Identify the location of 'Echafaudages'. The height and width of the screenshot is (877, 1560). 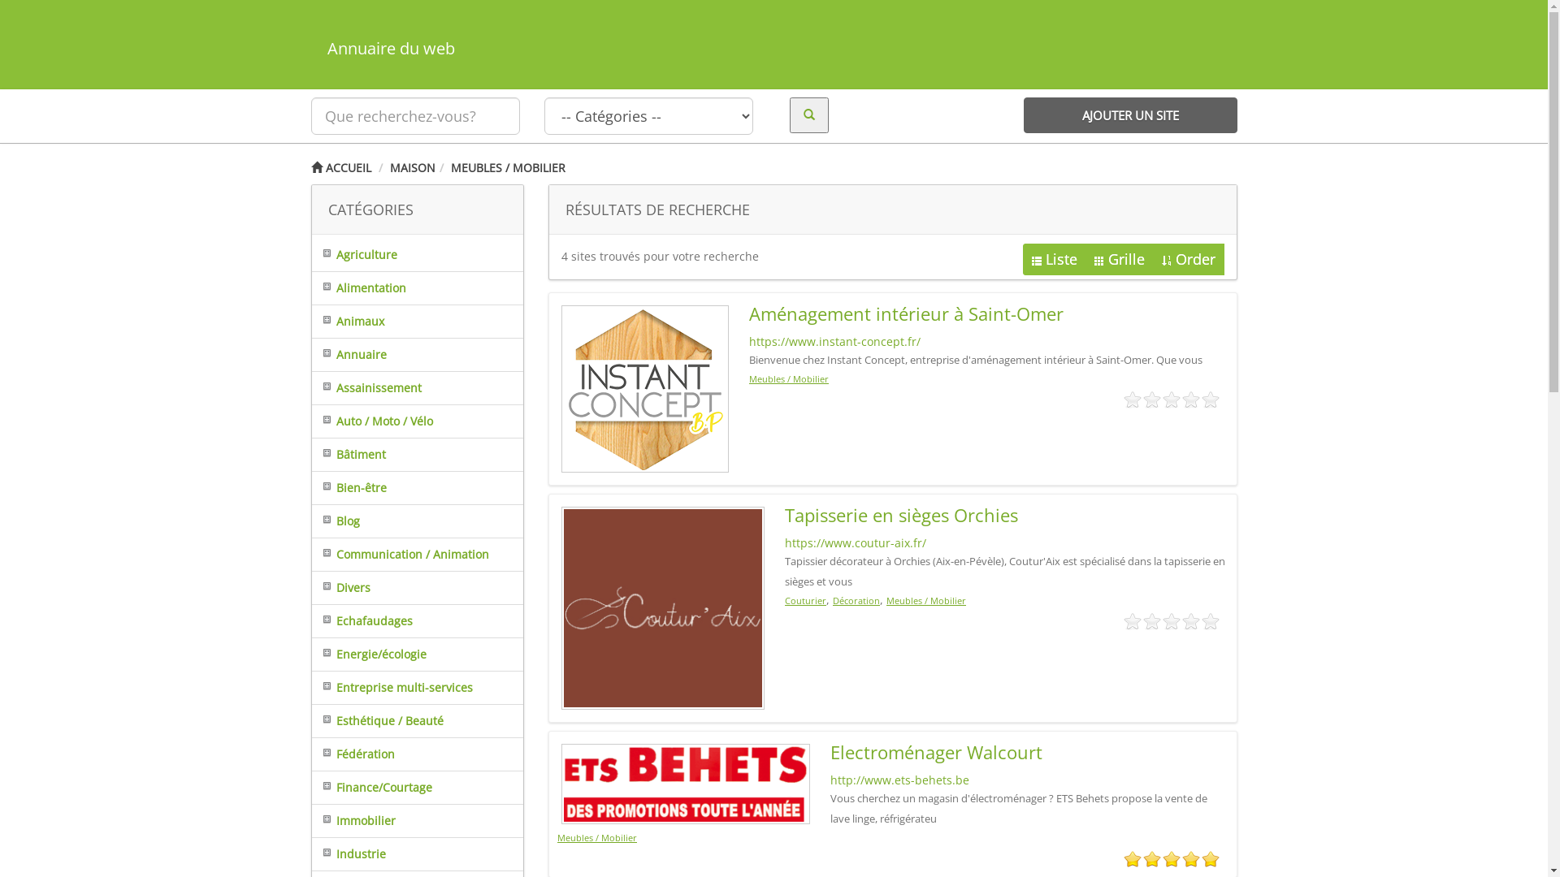
(362, 620).